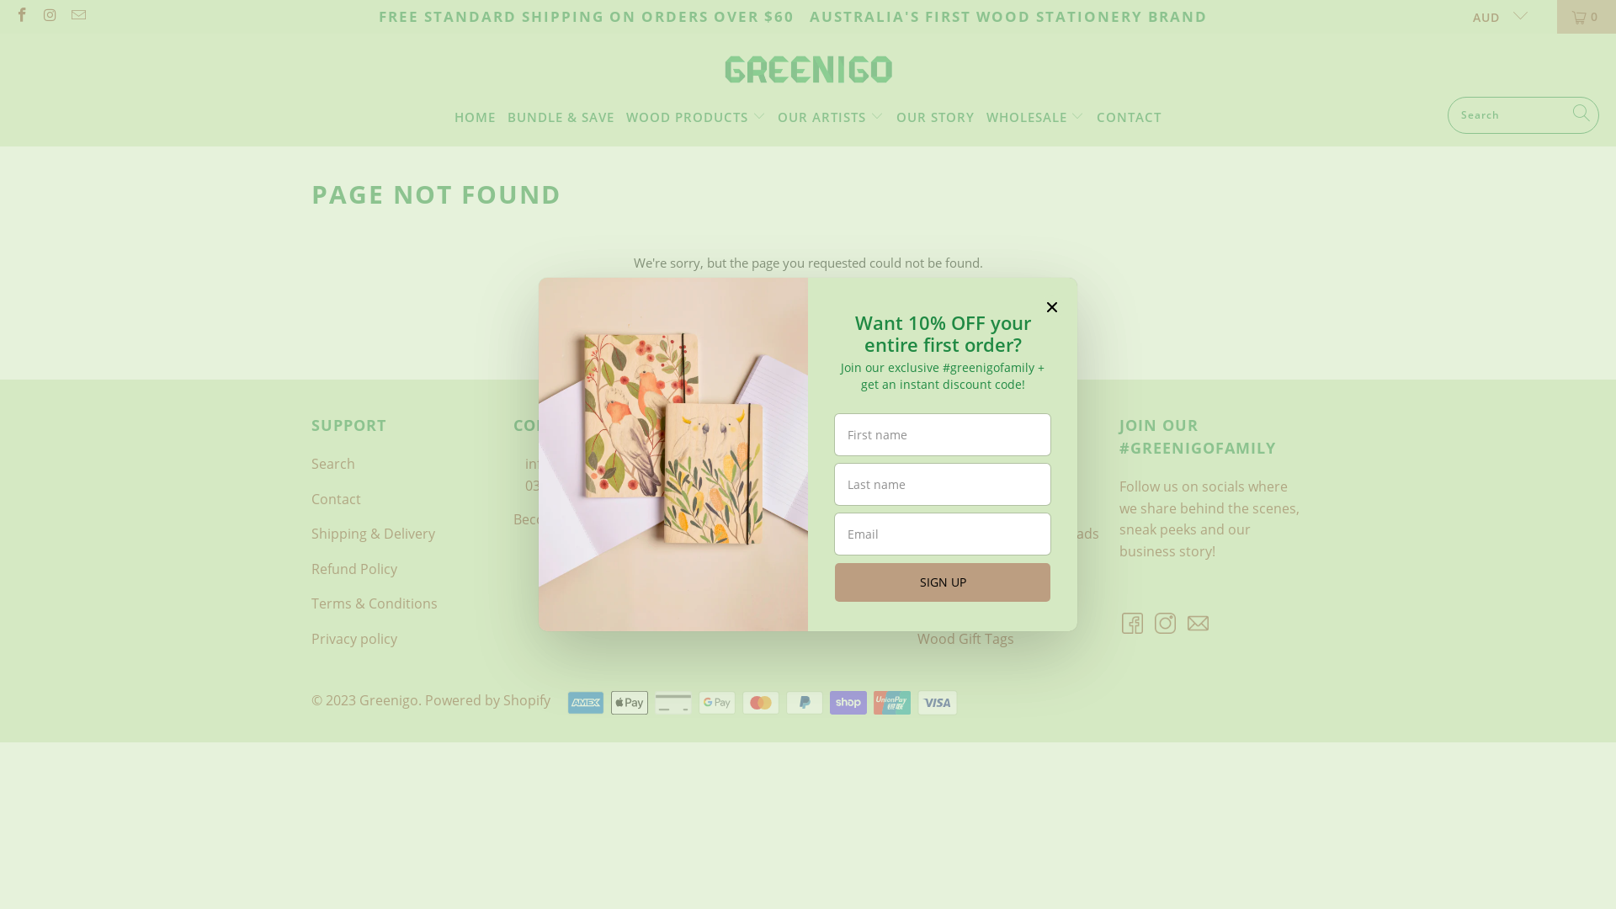 This screenshot has height=909, width=1616. Describe the element at coordinates (597, 464) in the screenshot. I see `'info@greenigo.com.au'` at that location.